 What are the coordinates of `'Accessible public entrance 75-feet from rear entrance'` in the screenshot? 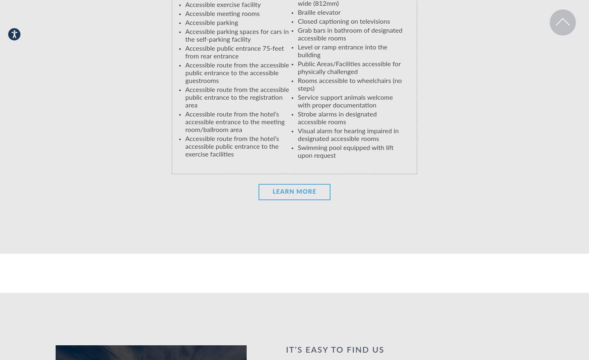 It's located at (234, 52).